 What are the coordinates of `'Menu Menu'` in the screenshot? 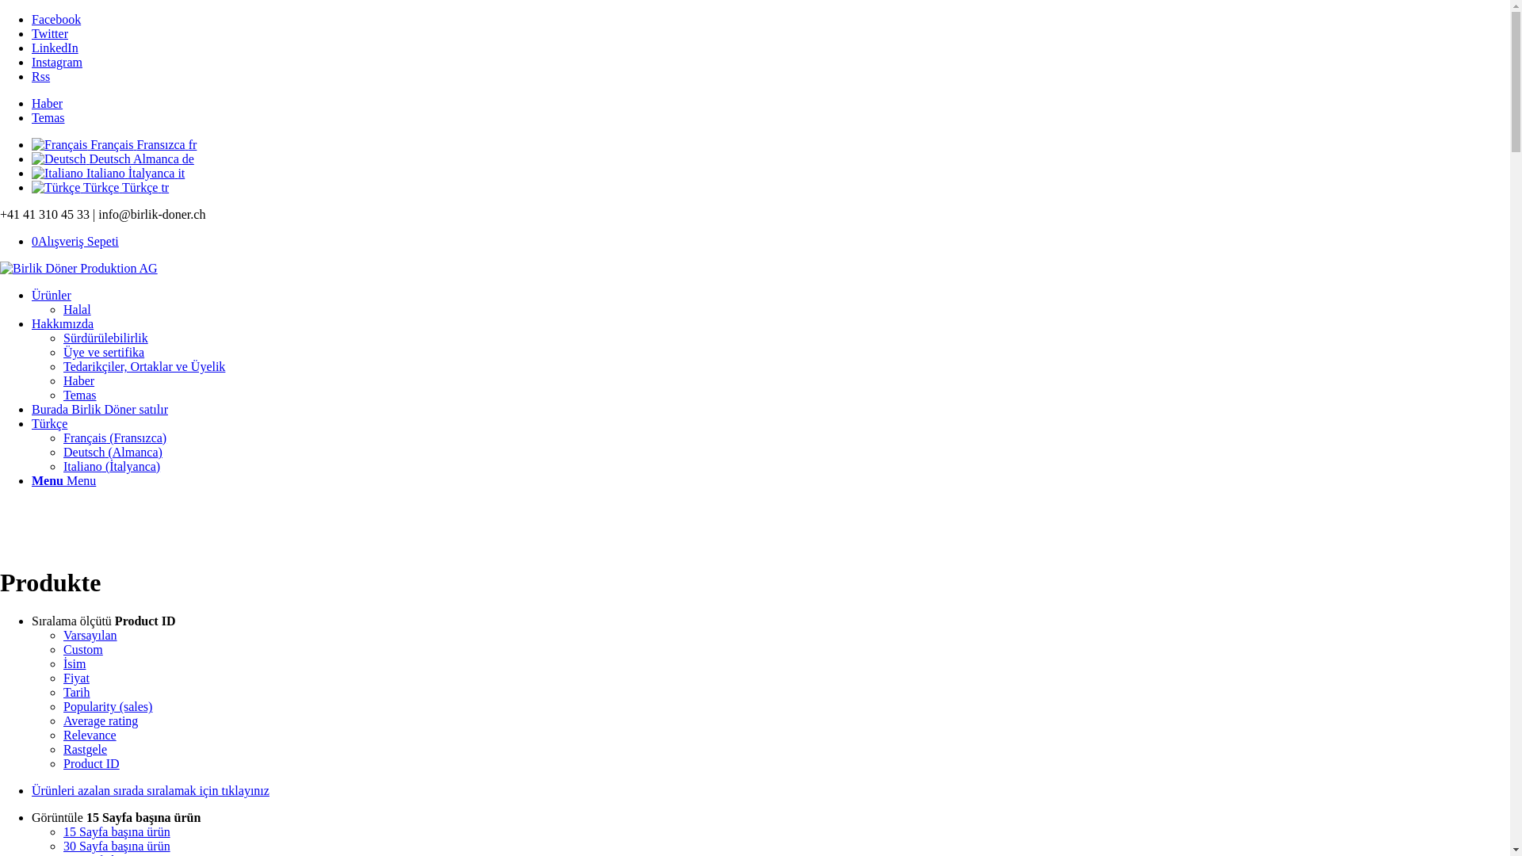 It's located at (63, 480).